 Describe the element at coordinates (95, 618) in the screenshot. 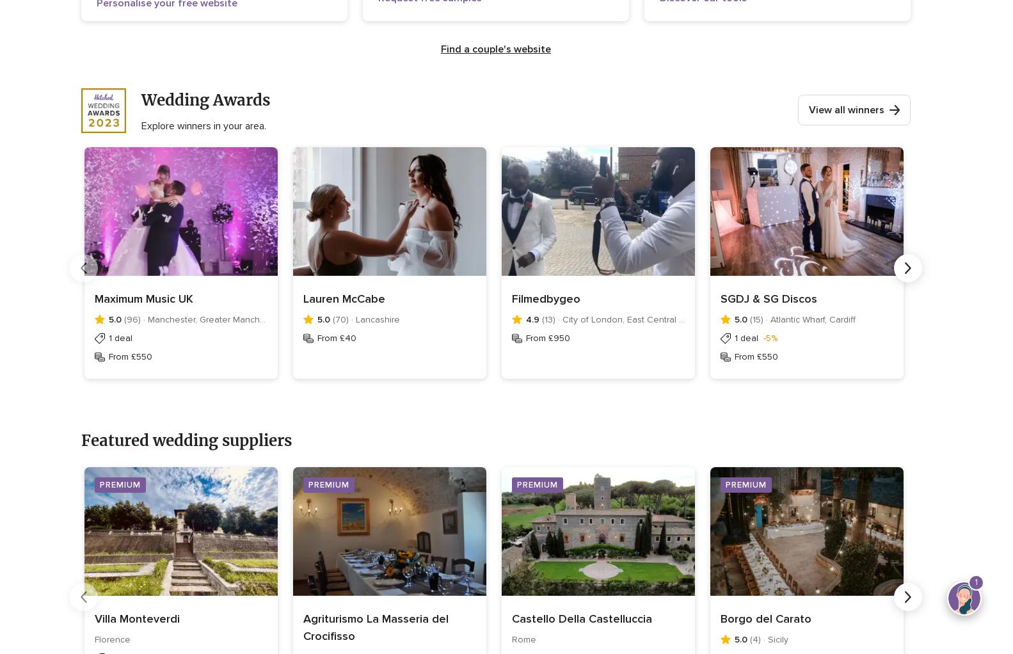

I see `'Villa Monteverdi'` at that location.